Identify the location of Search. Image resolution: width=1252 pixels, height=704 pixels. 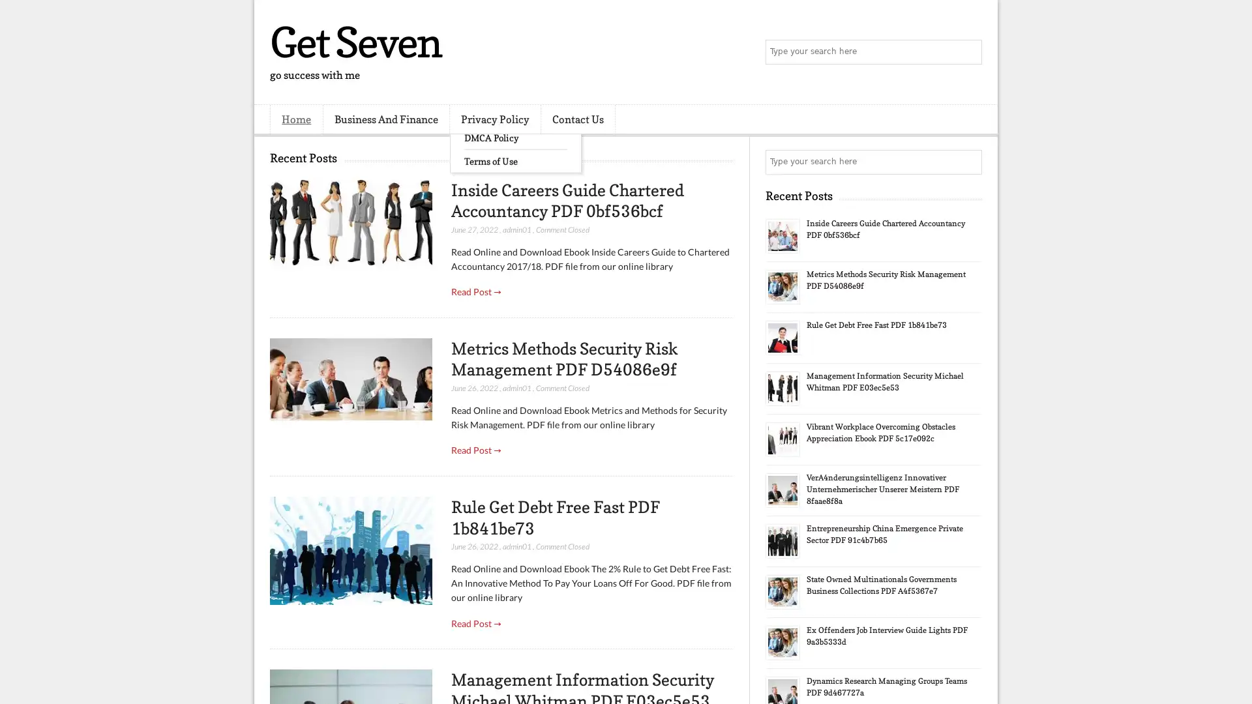
(968, 162).